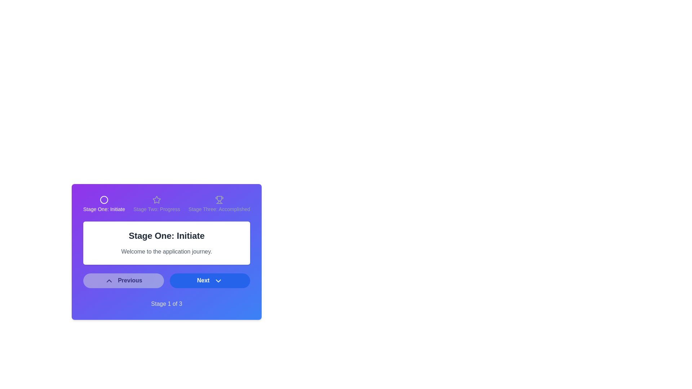 The image size is (692, 389). What do you see at coordinates (166, 236) in the screenshot?
I see `the text element displaying 'Stage One: Initiate', which is positioned in the upper-middle section of a white panel, to provide context about the current stage in the application process` at bounding box center [166, 236].